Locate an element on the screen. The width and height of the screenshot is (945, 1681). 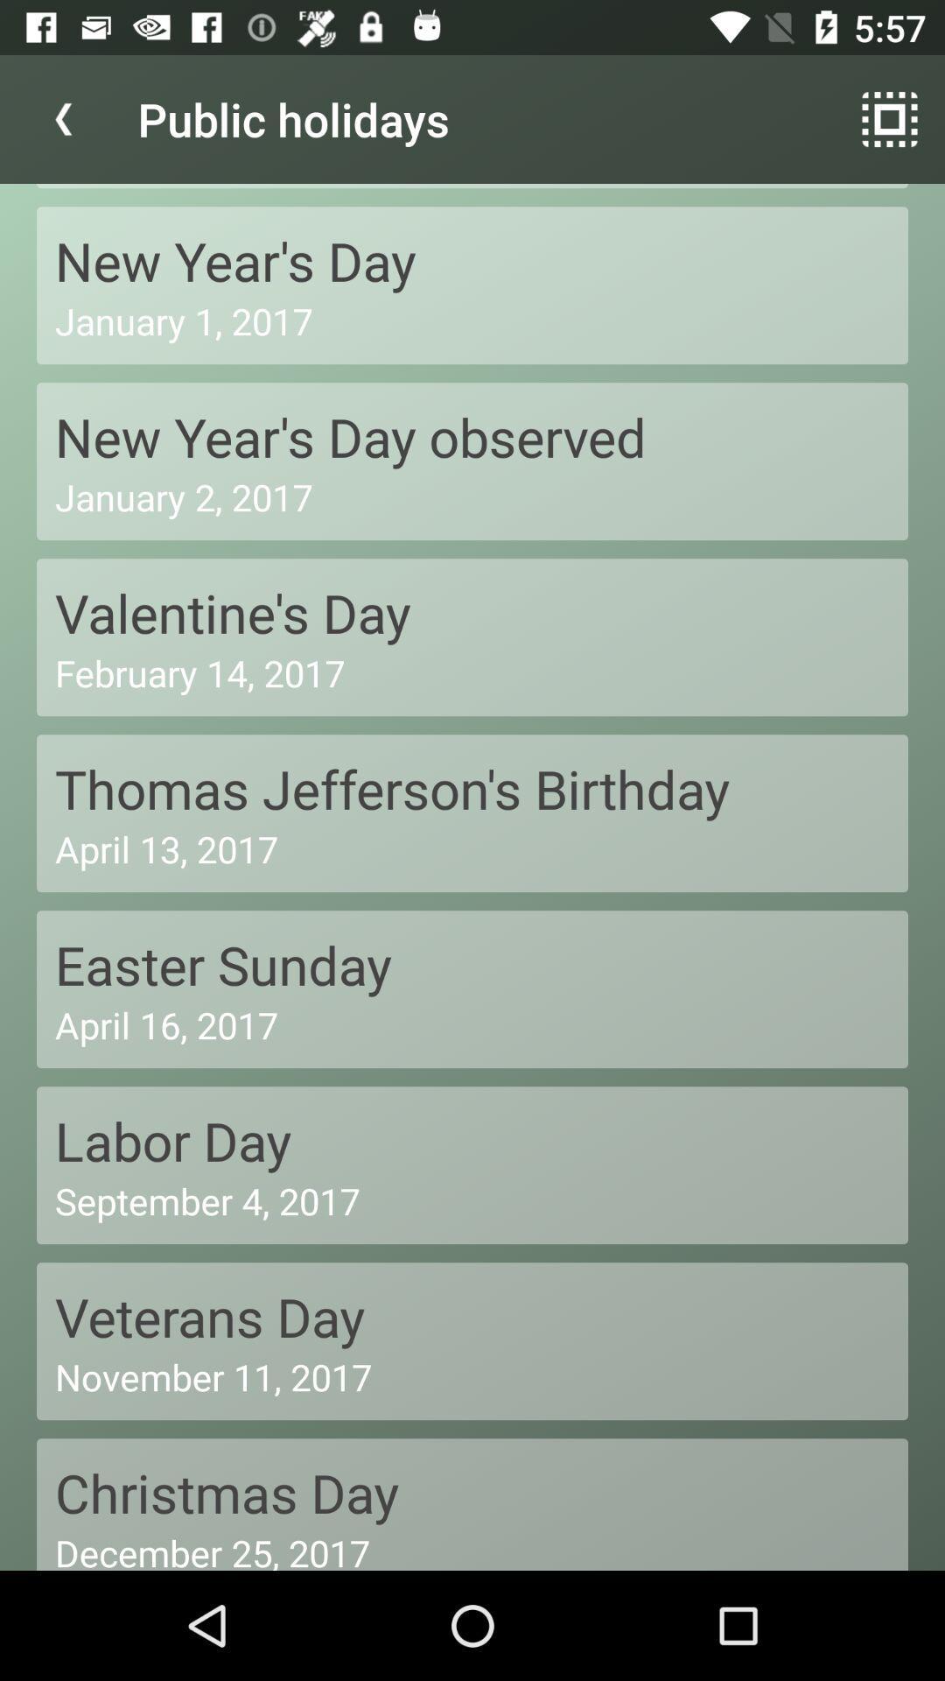
the september 4, 2017 item is located at coordinates (472, 1199).